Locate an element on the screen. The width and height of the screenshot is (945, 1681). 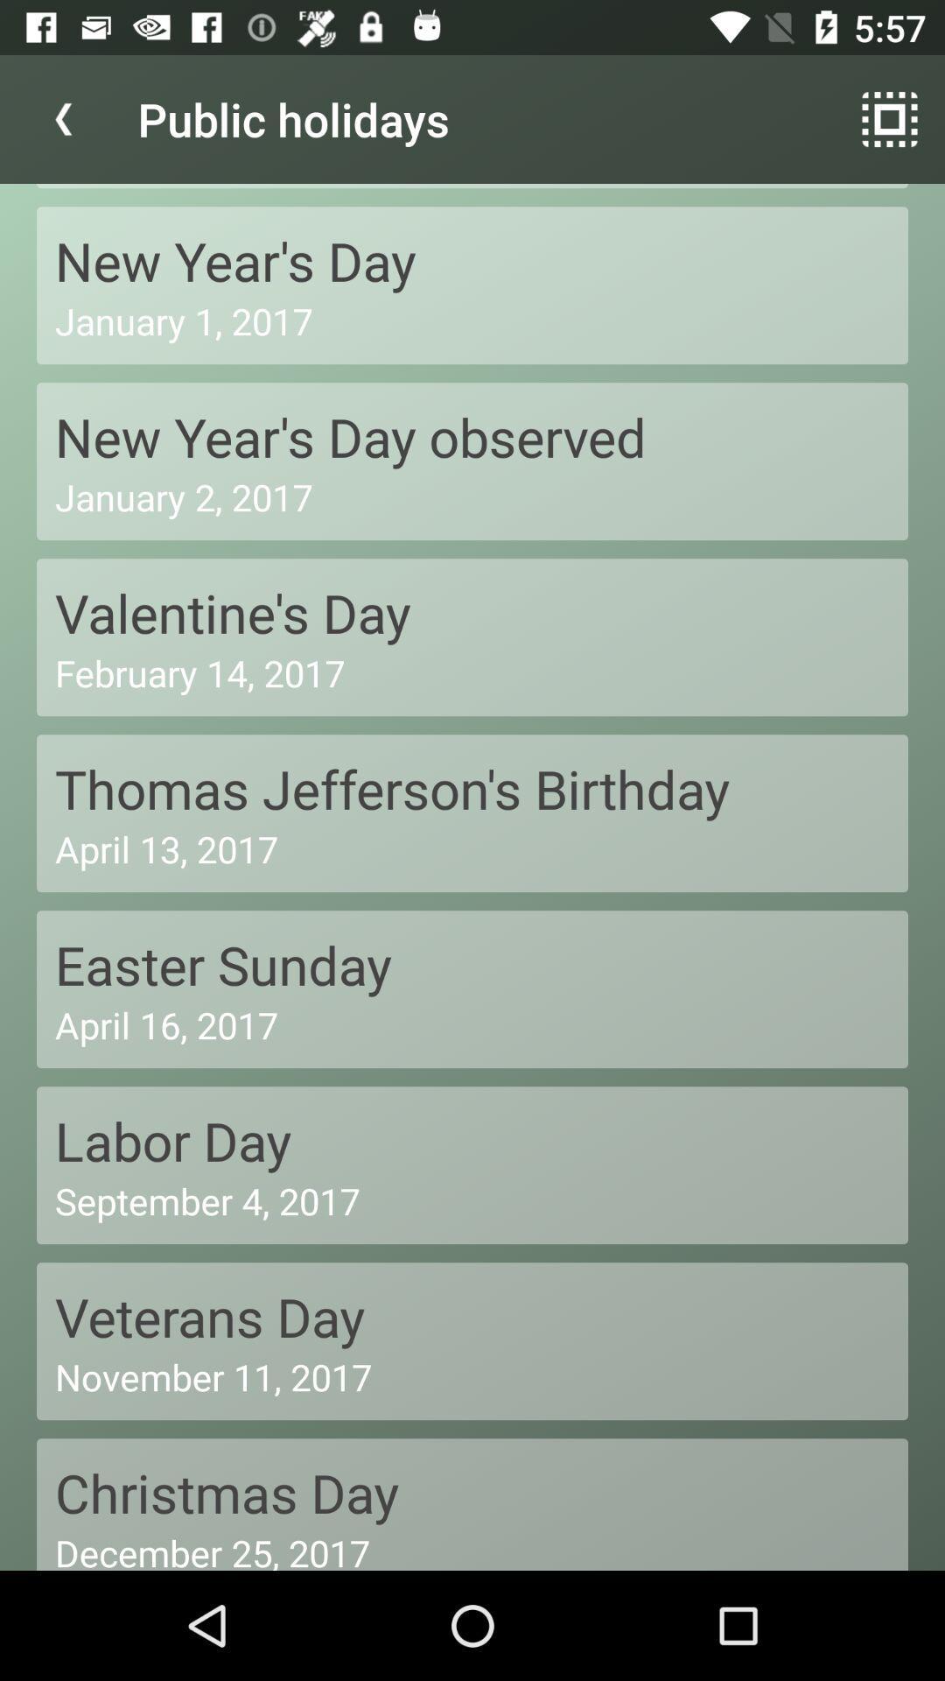
the september 4, 2017 item is located at coordinates (472, 1199).